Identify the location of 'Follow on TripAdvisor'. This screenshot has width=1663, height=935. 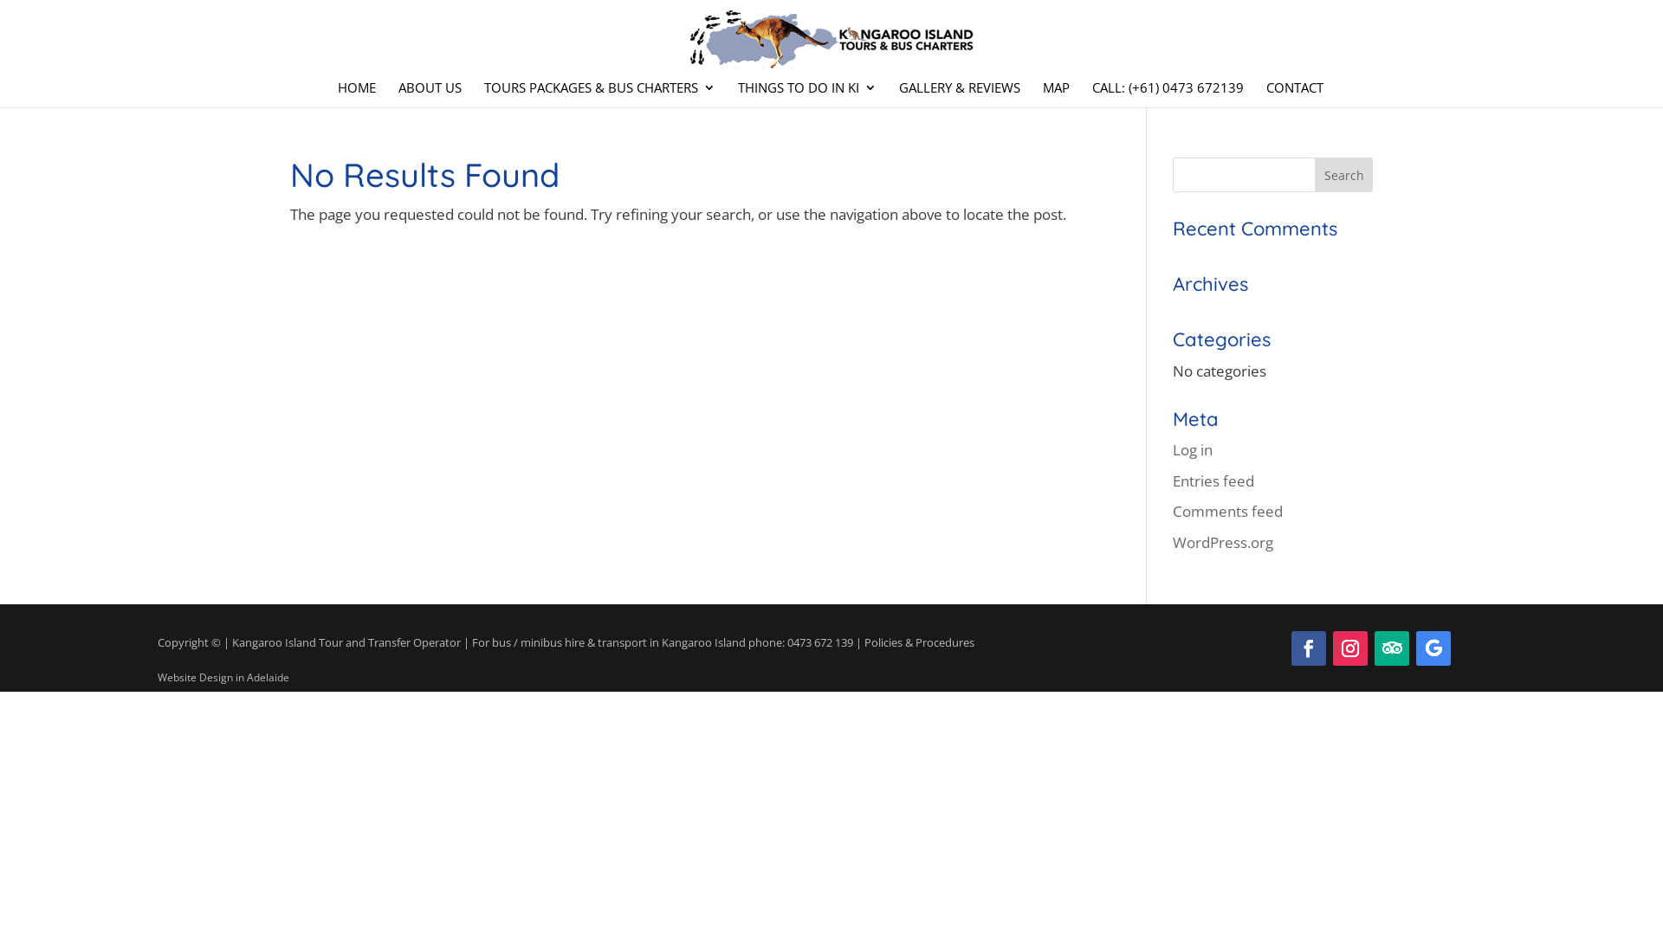
(1392, 648).